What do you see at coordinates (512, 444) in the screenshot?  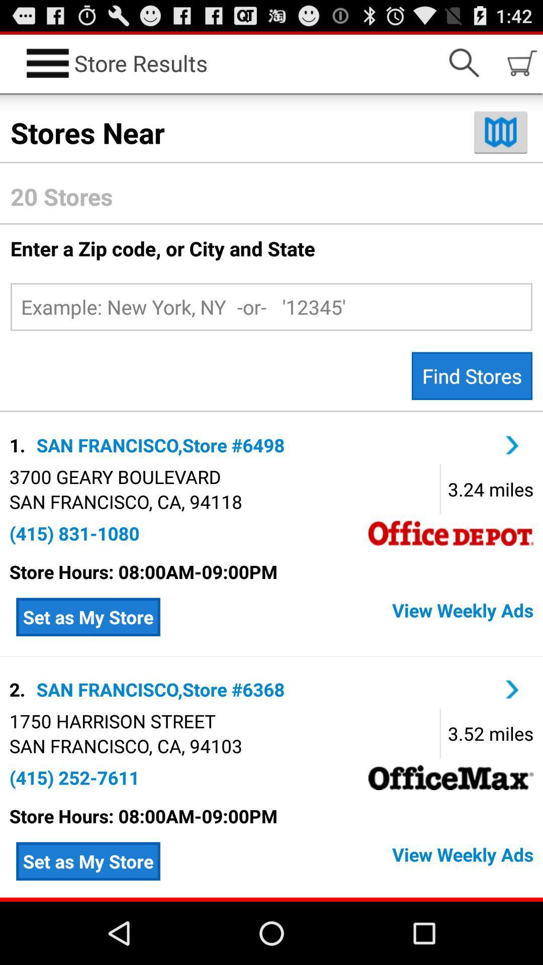 I see `san francisco store 6498` at bounding box center [512, 444].